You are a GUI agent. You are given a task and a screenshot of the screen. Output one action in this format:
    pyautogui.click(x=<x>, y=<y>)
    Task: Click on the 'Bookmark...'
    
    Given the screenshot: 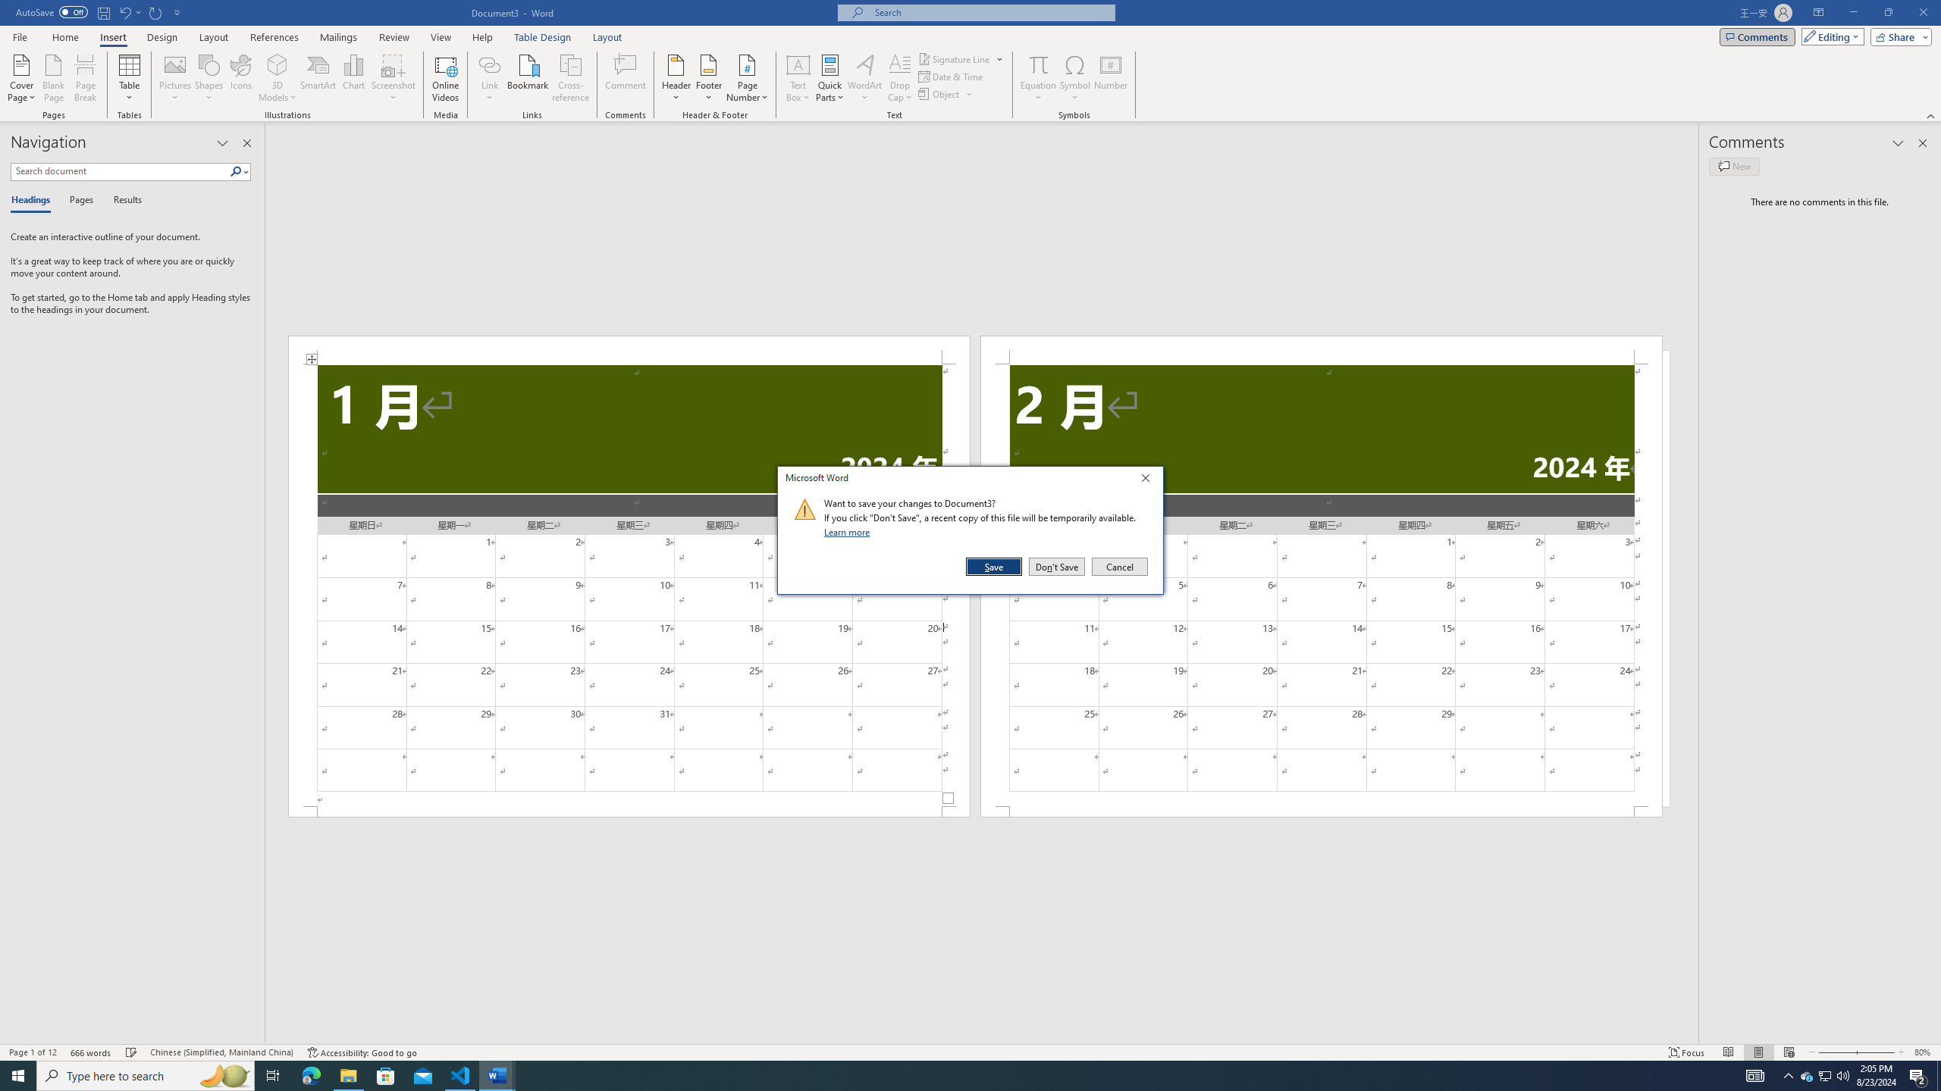 What is the action you would take?
    pyautogui.click(x=528, y=78)
    